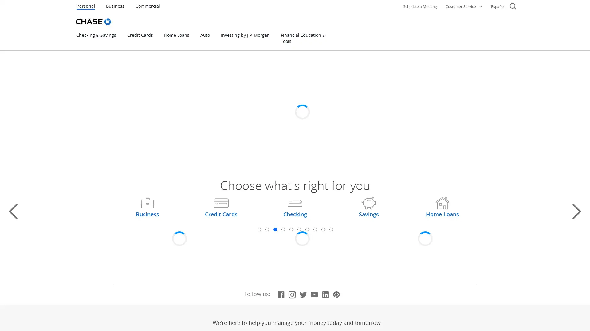  What do you see at coordinates (215, 133) in the screenshot?
I see `Open an account` at bounding box center [215, 133].